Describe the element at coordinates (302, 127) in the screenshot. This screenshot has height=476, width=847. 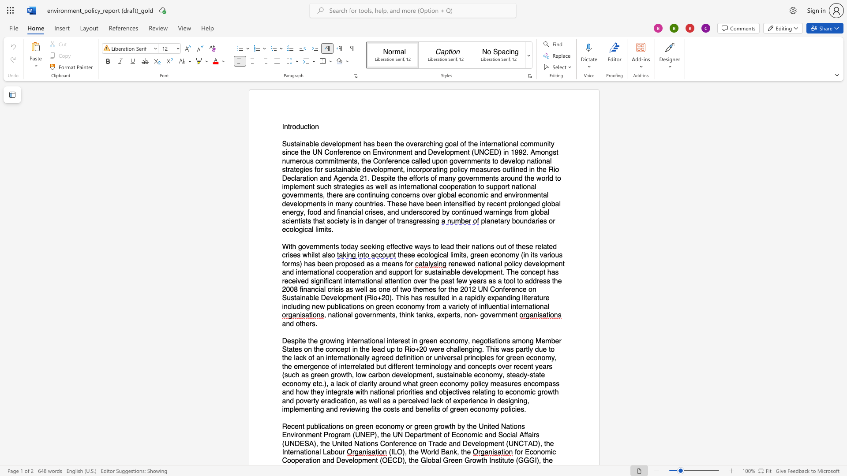
I see `the 1th character "u" in the text` at that location.